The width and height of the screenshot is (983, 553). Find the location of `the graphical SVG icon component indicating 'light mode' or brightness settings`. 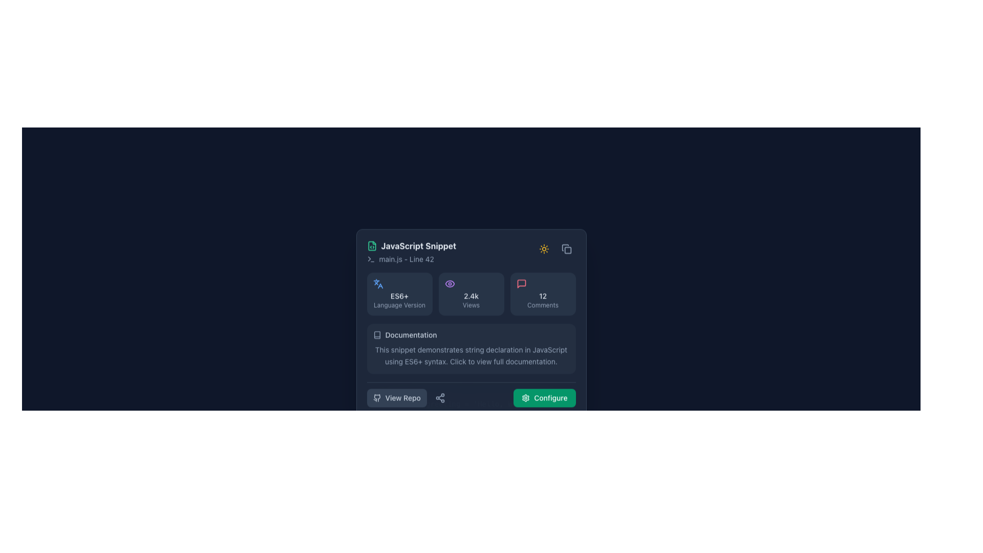

the graphical SVG icon component indicating 'light mode' or brightness settings is located at coordinates (543, 249).